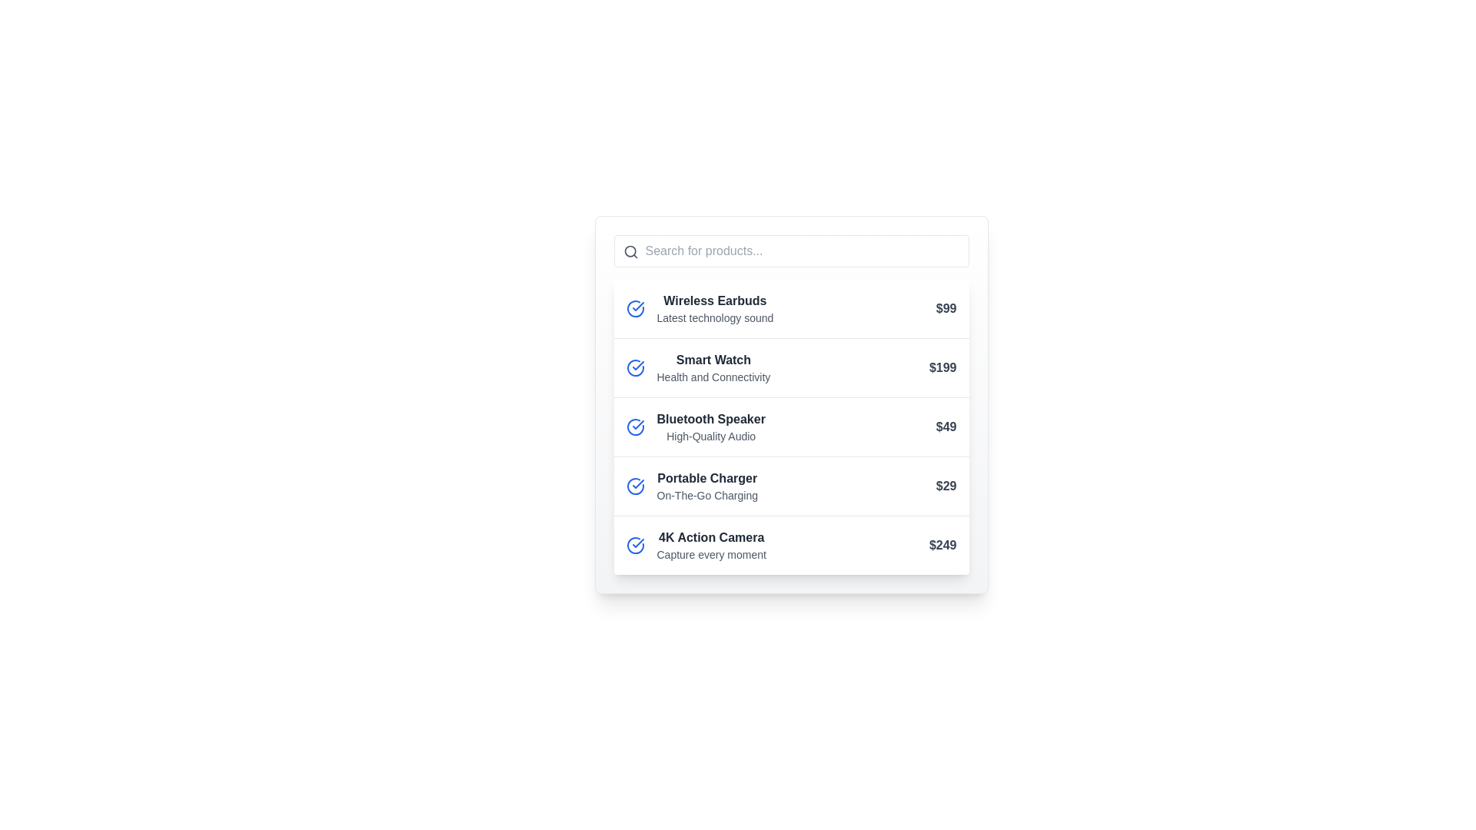  What do you see at coordinates (791, 427) in the screenshot?
I see `the third item in the product details list, which is located between the 'Smart Watch' and 'Portable Charger' items` at bounding box center [791, 427].